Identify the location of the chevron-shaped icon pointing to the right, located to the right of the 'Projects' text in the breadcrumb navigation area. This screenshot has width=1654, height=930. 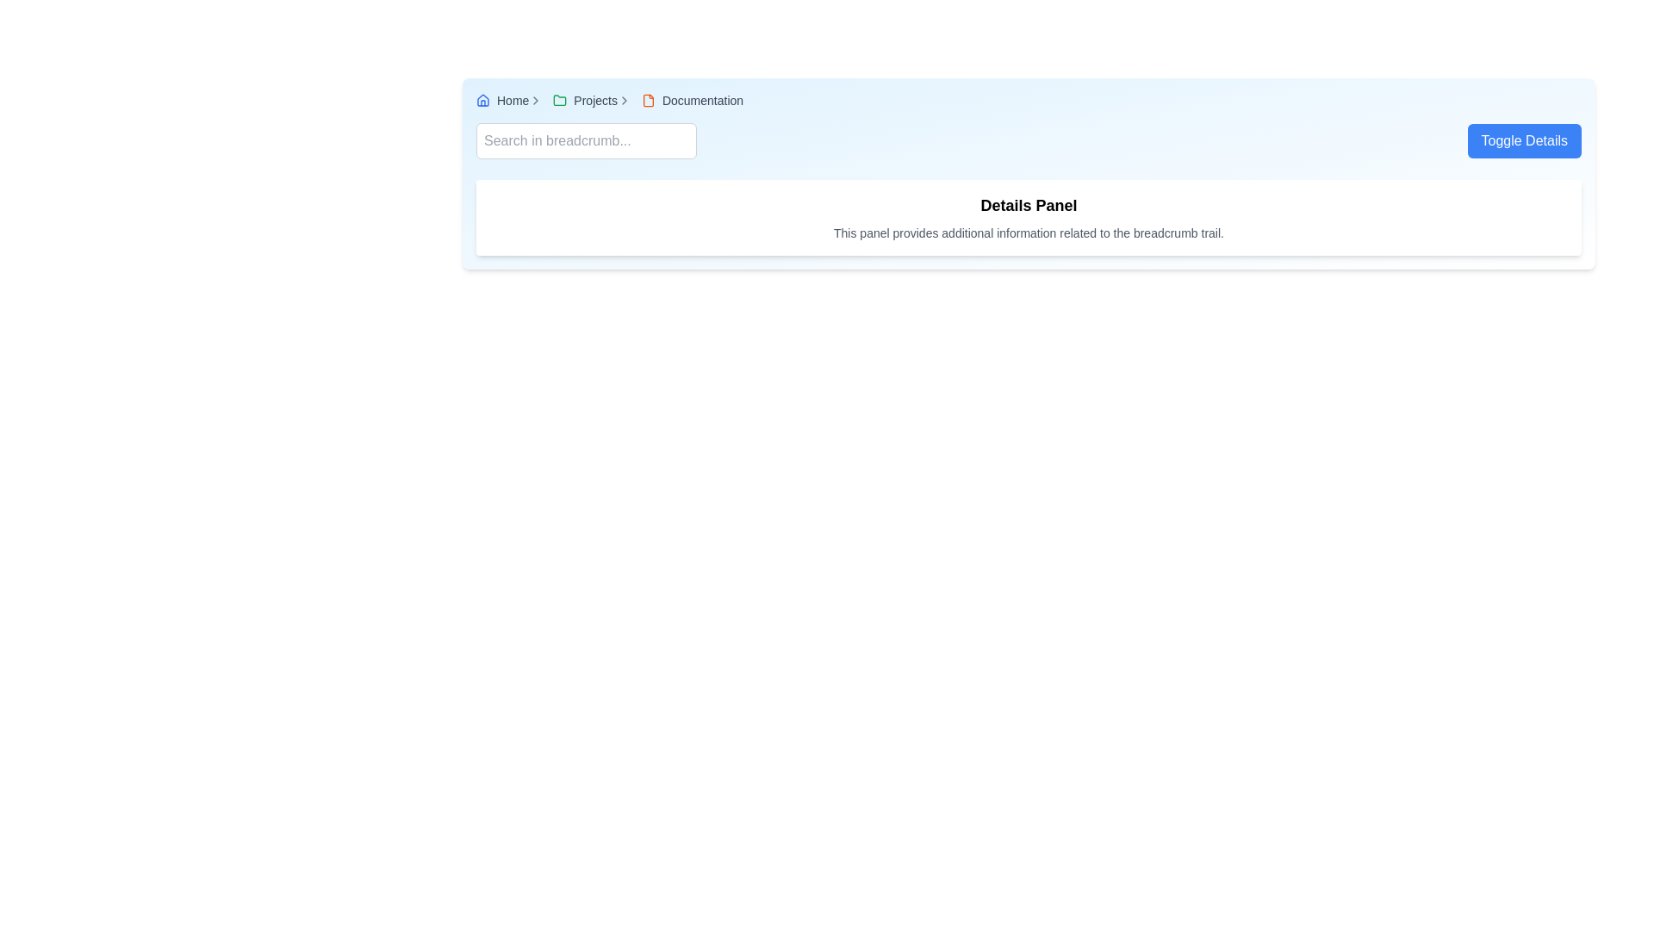
(623, 100).